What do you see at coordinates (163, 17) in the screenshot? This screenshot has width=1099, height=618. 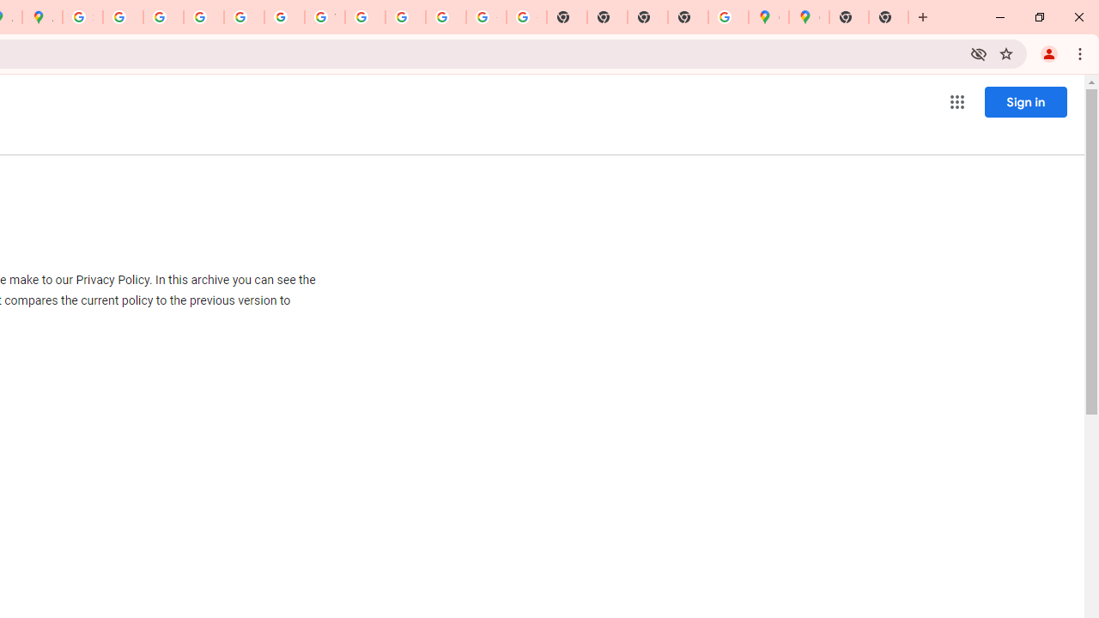 I see `'Privacy Help Center - Policies Help'` at bounding box center [163, 17].